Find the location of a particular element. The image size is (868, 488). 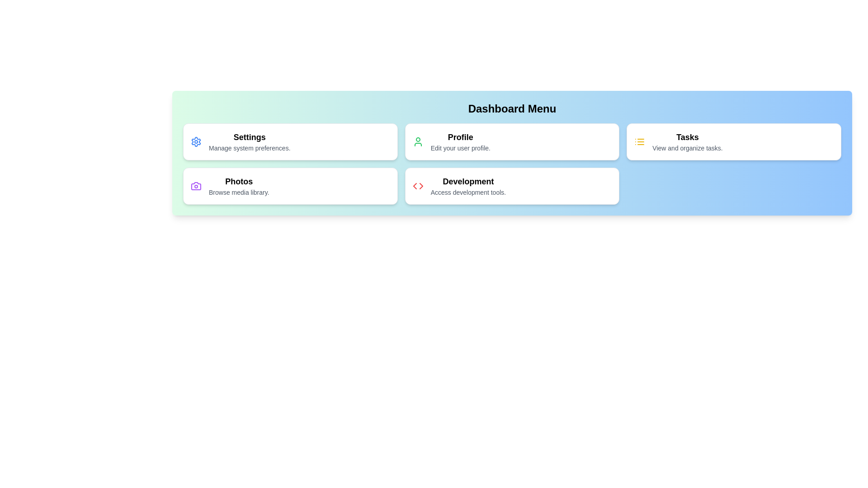

the menu item corresponding to Profile is located at coordinates (512, 141).